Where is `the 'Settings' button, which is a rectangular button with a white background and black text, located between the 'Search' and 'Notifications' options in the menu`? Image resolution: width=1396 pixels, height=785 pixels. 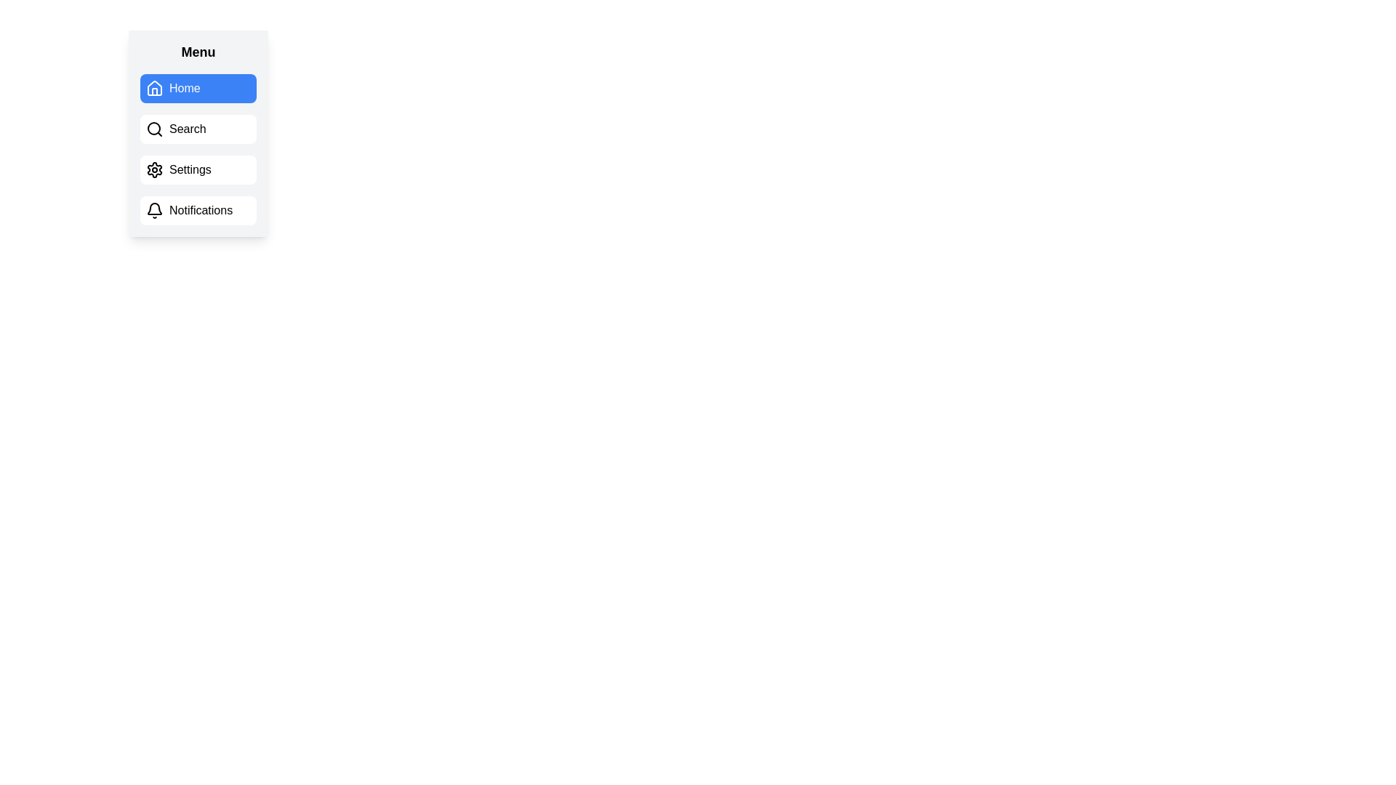
the 'Settings' button, which is a rectangular button with a white background and black text, located between the 'Search' and 'Notifications' options in the menu is located at coordinates (198, 169).